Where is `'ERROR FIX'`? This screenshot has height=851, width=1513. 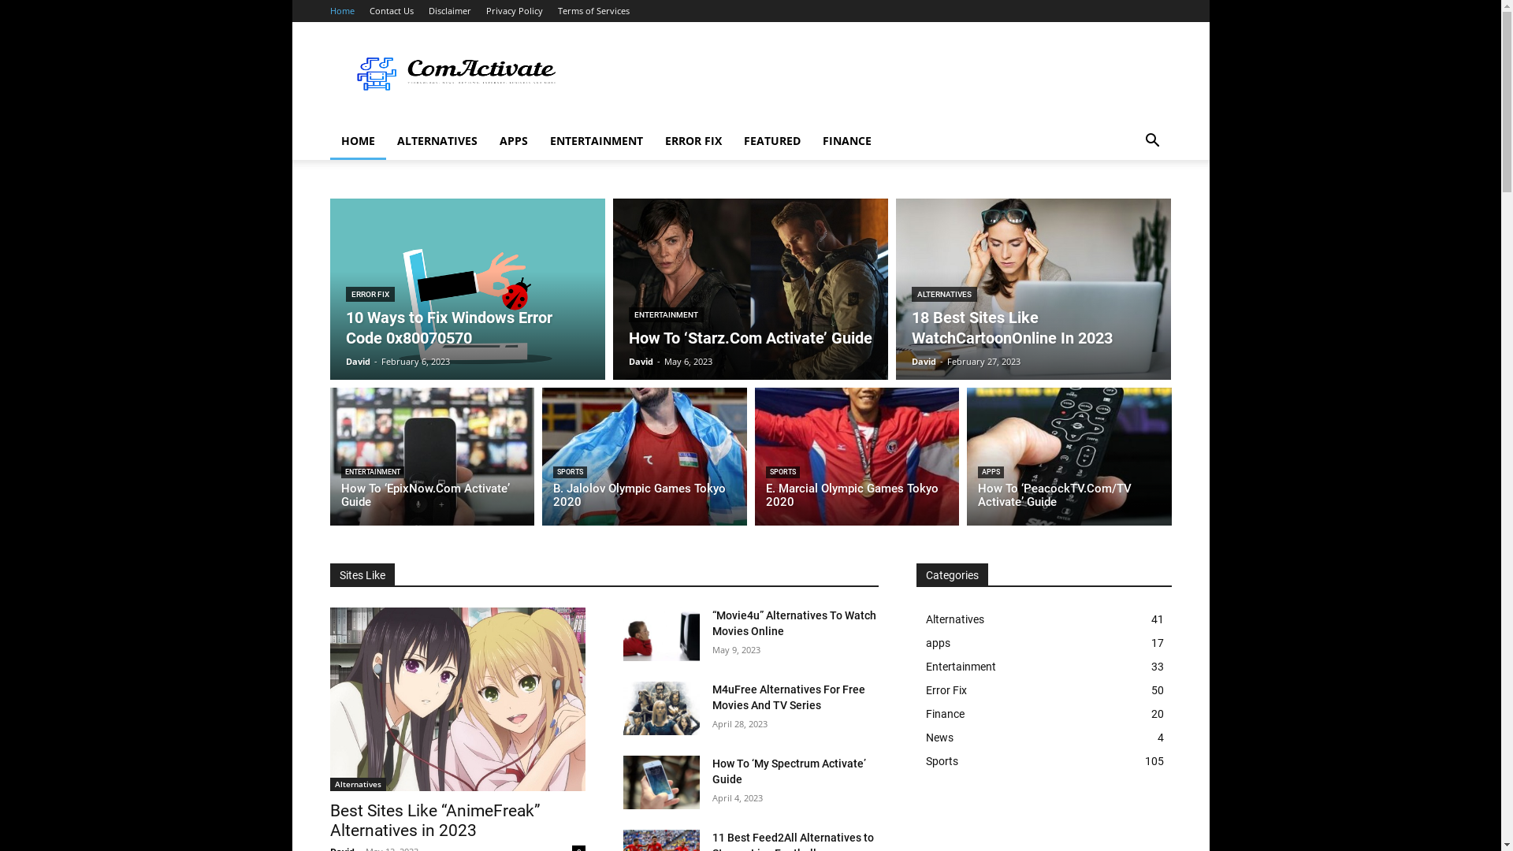 'ERROR FIX' is located at coordinates (693, 139).